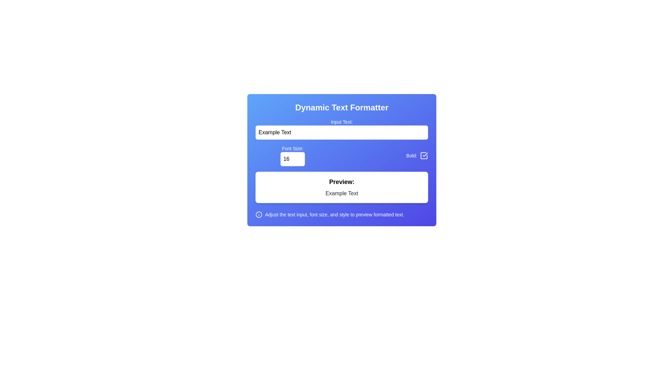 The height and width of the screenshot is (368, 655). I want to click on the text label displaying 'Example Text', so click(342, 193).